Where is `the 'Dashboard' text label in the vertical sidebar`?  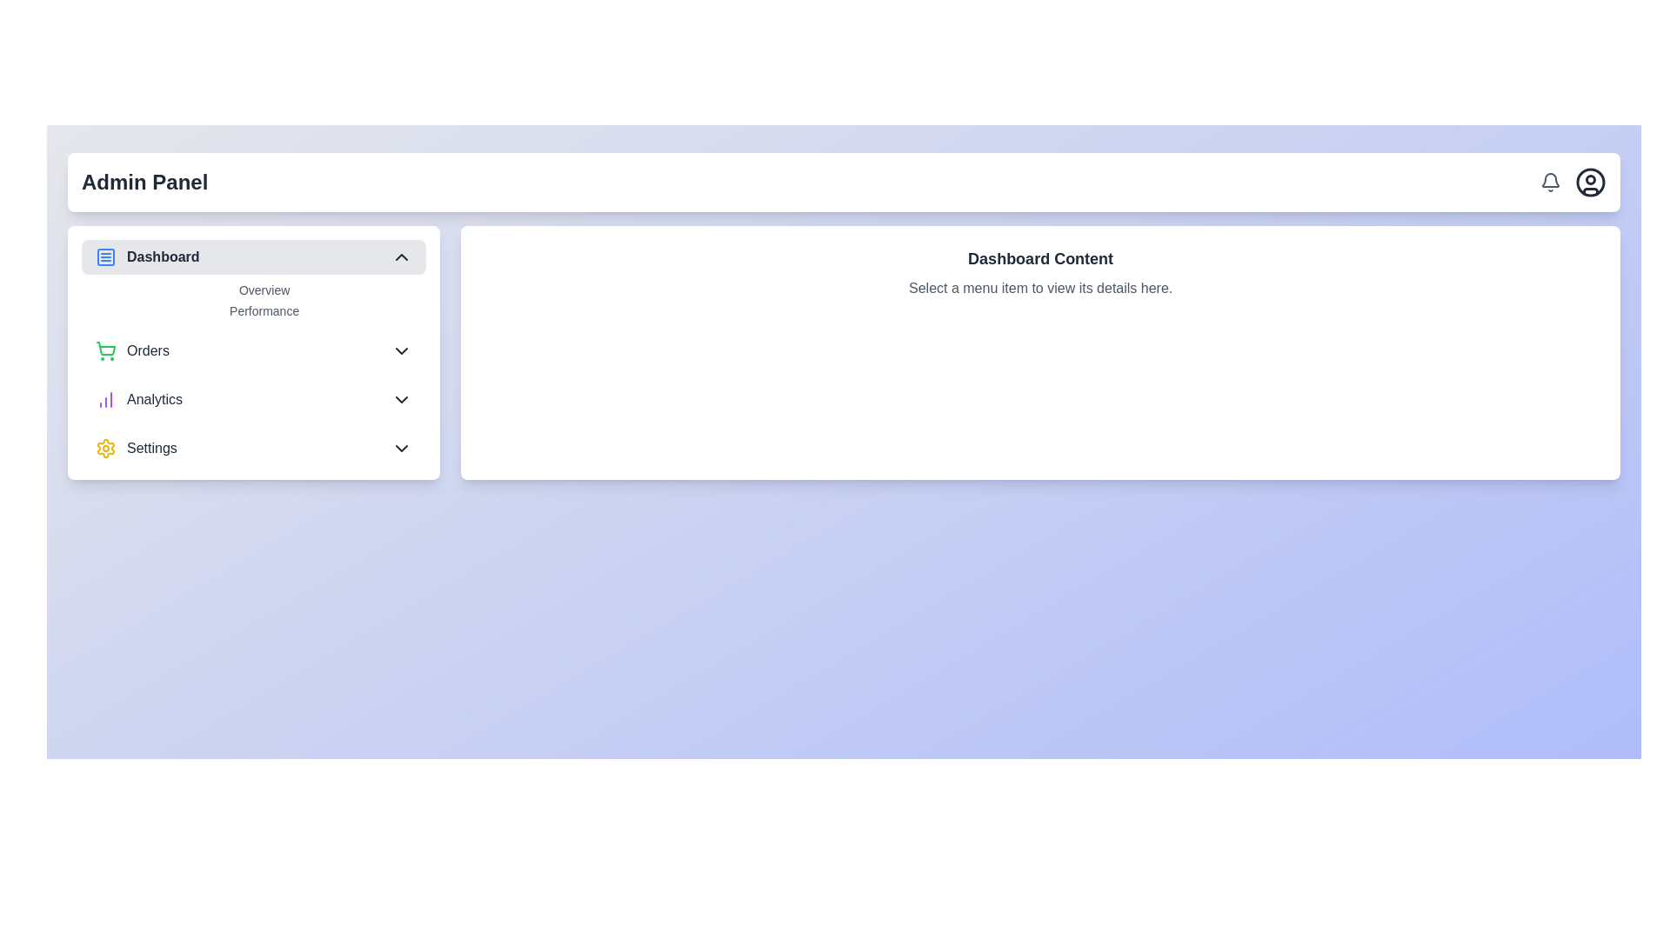 the 'Dashboard' text label in the vertical sidebar is located at coordinates (163, 257).